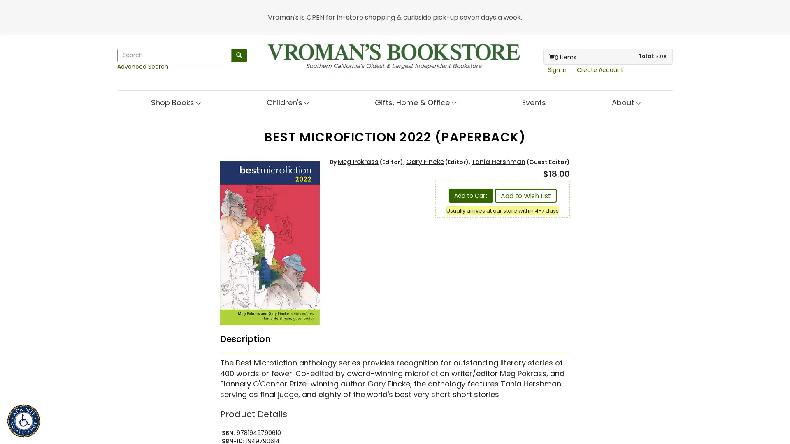 The width and height of the screenshot is (790, 444). What do you see at coordinates (238, 55) in the screenshot?
I see `Search` at bounding box center [238, 55].